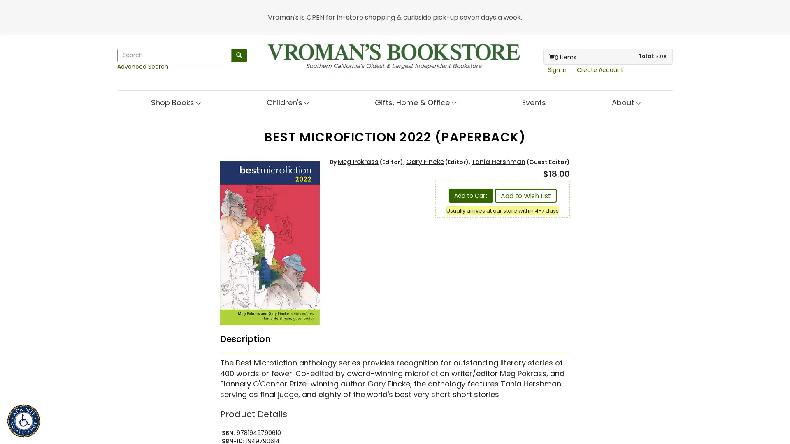 The width and height of the screenshot is (790, 444). What do you see at coordinates (238, 55) in the screenshot?
I see `Search` at bounding box center [238, 55].